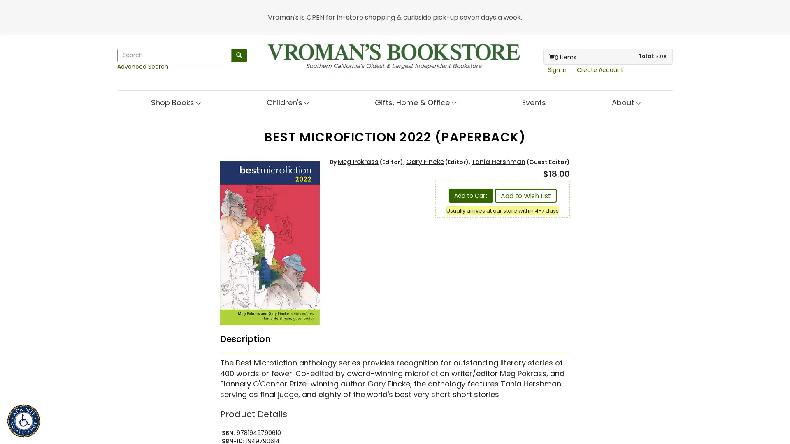 The width and height of the screenshot is (790, 444). What do you see at coordinates (238, 55) in the screenshot?
I see `Search` at bounding box center [238, 55].